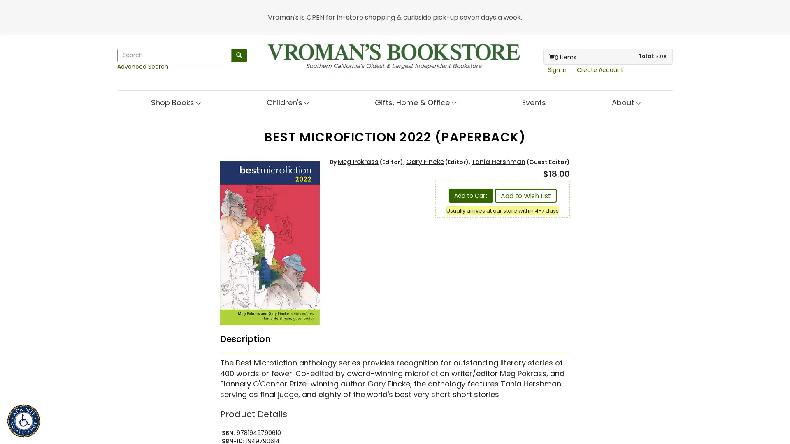 The width and height of the screenshot is (790, 444). What do you see at coordinates (238, 55) in the screenshot?
I see `Search` at bounding box center [238, 55].